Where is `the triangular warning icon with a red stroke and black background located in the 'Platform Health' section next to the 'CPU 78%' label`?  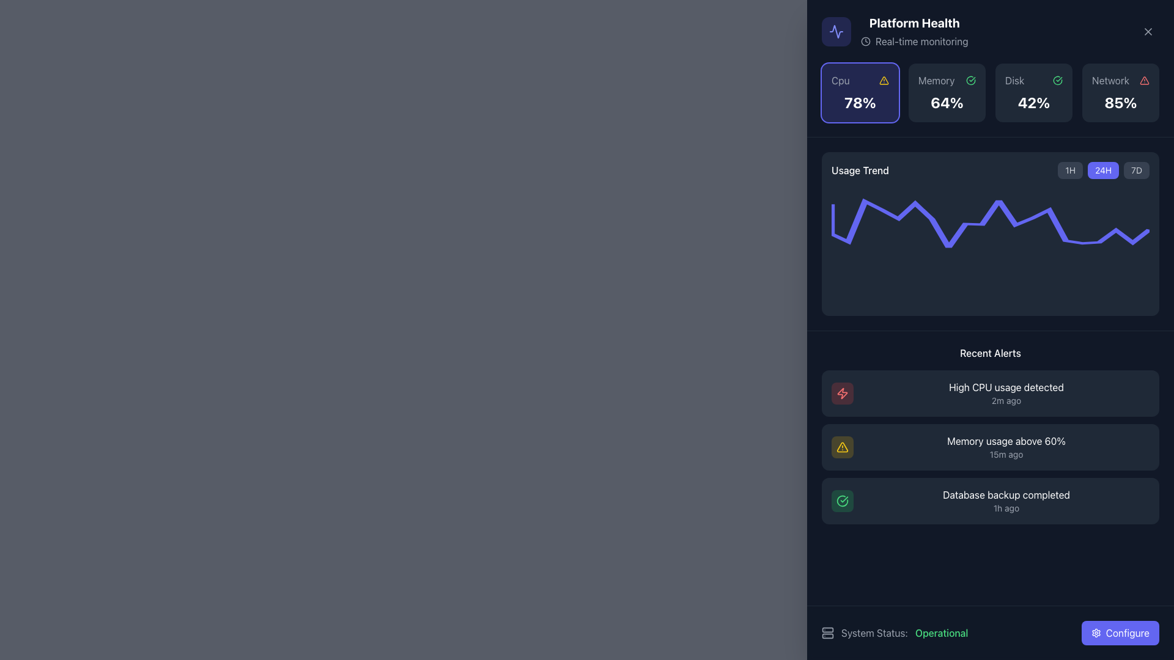 the triangular warning icon with a red stroke and black background located in the 'Platform Health' section next to the 'CPU 78%' label is located at coordinates (1144, 80).